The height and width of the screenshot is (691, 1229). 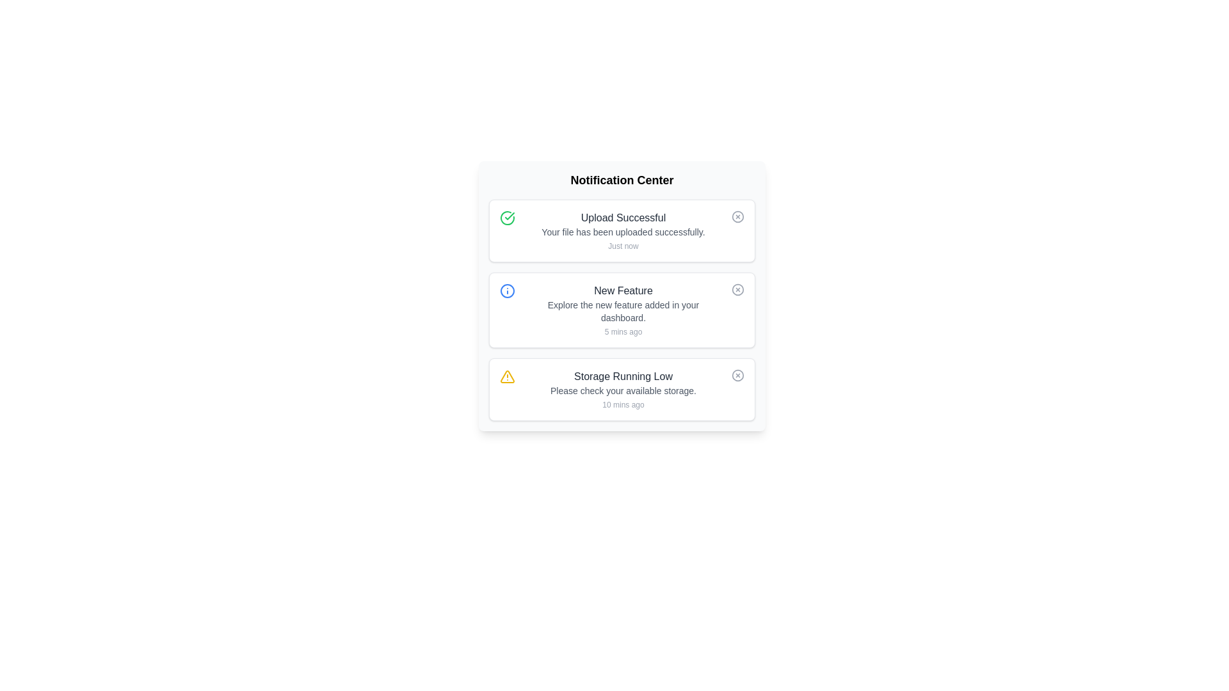 I want to click on the success icon within the circular graphic of the first notification titled 'Upload Successful' in the Notification Center panel, so click(x=509, y=216).